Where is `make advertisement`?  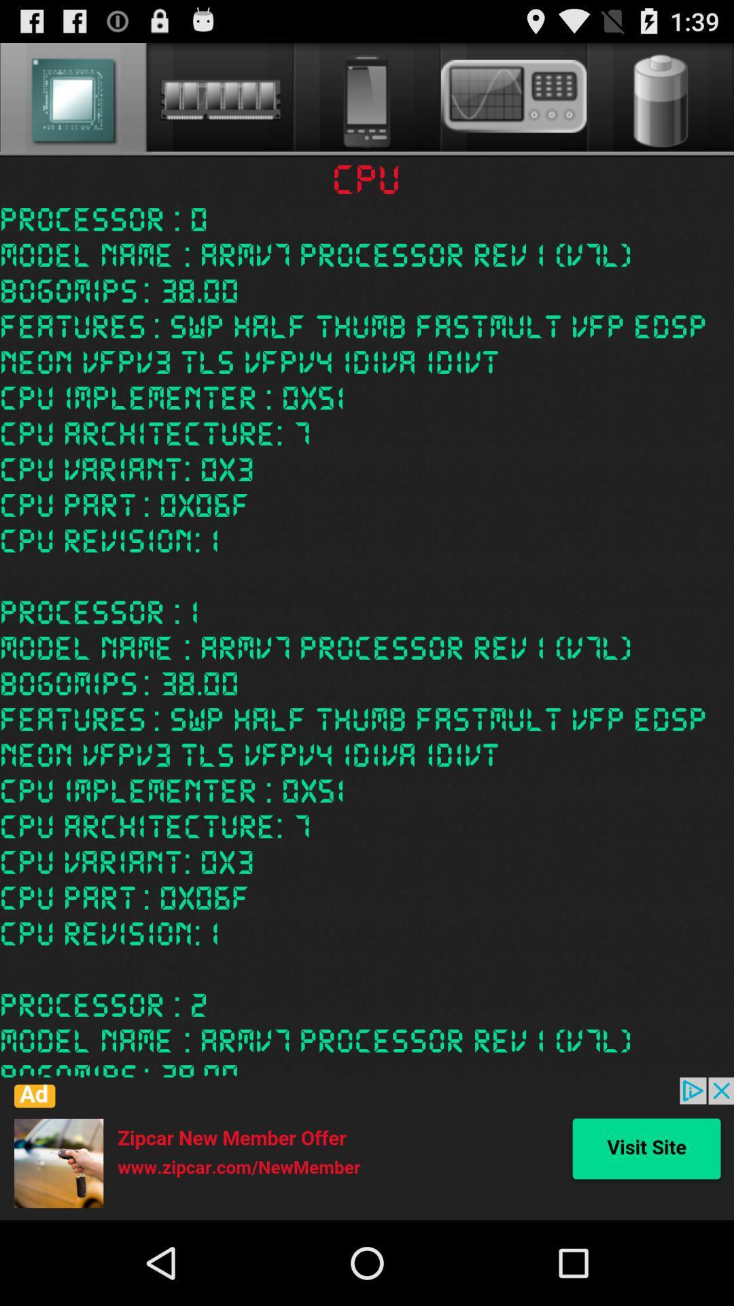 make advertisement is located at coordinates (367, 1148).